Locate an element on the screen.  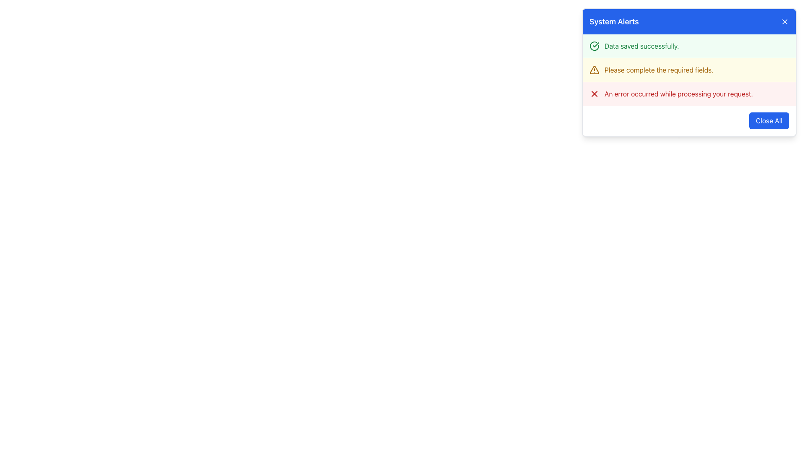
error text displayed in red that states 'An error occurred while processing your request.' within the third alert box of the 'System Alerts' section, located below the yellow alert message is located at coordinates (678, 94).